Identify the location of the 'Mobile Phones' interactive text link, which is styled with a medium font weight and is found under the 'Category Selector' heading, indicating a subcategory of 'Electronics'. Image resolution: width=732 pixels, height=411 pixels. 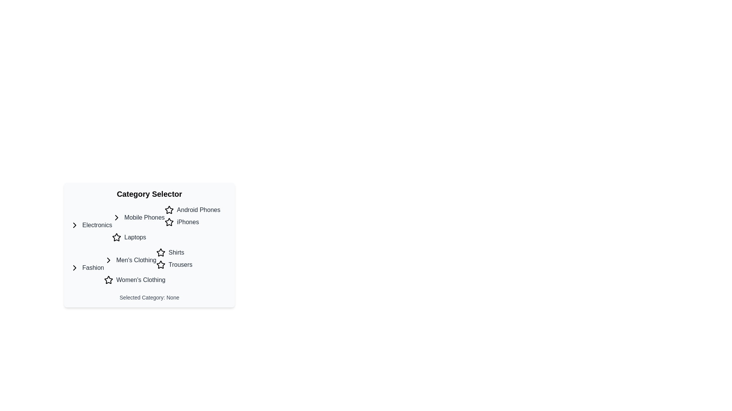
(144, 217).